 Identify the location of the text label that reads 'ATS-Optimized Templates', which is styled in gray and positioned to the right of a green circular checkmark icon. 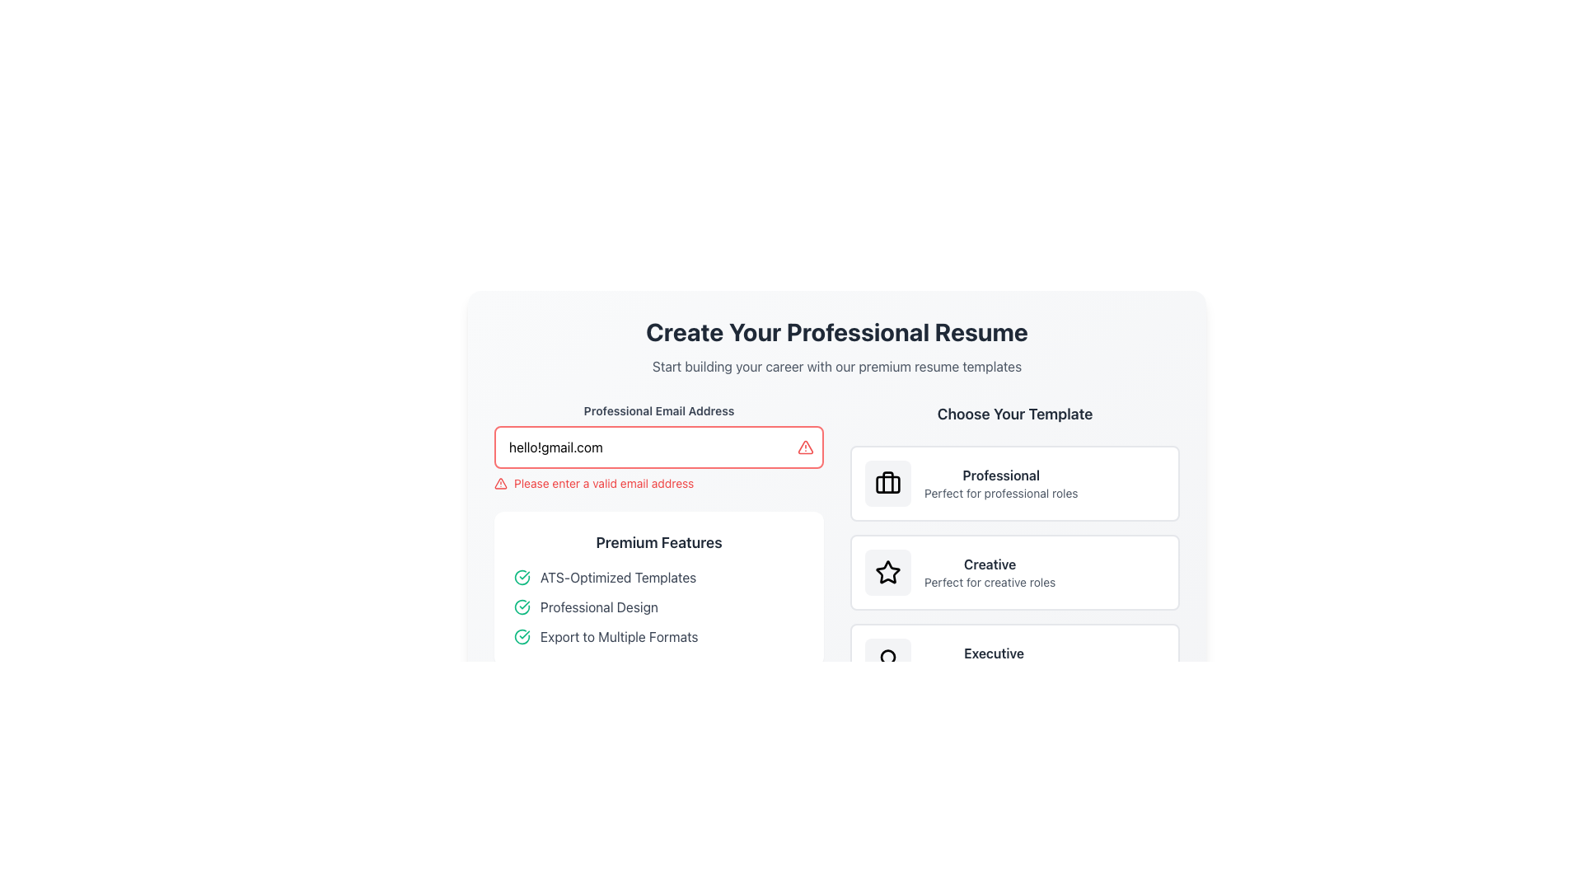
(617, 577).